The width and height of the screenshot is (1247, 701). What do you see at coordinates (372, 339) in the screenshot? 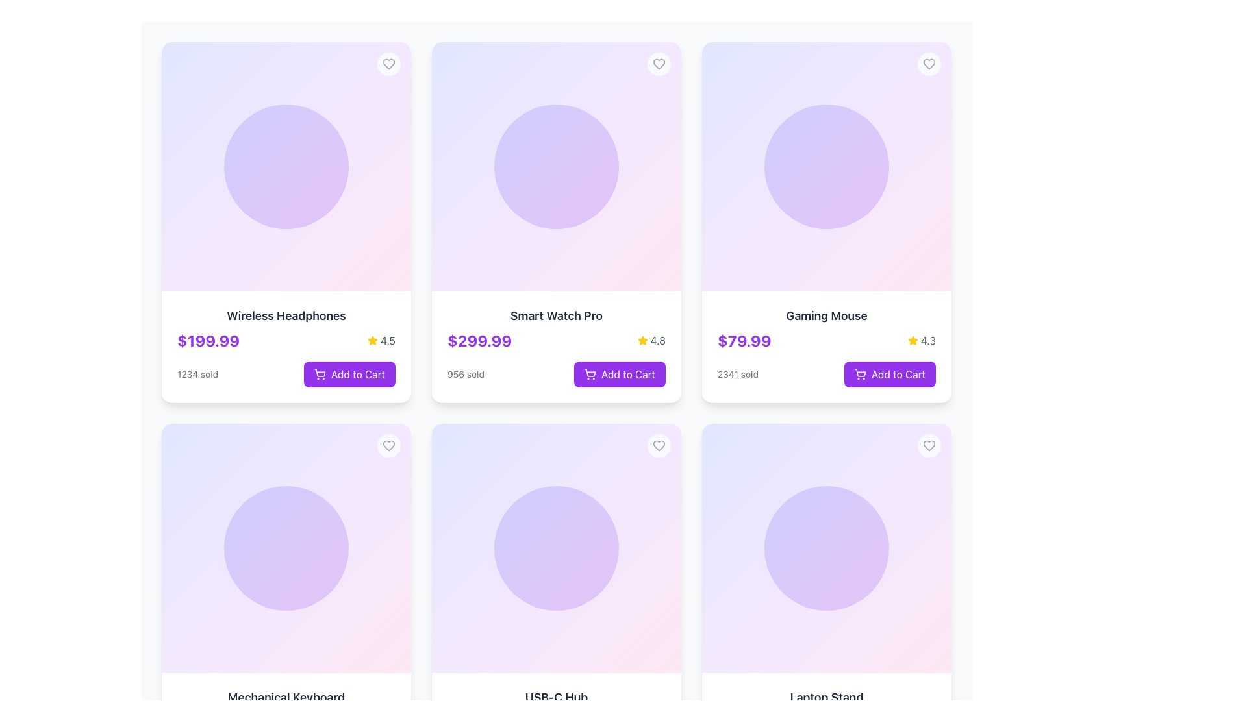
I see `the yellow star-like icon representing a 4.5-star rating for the Wireless Headphones product, located in the top right corner of the card` at bounding box center [372, 339].